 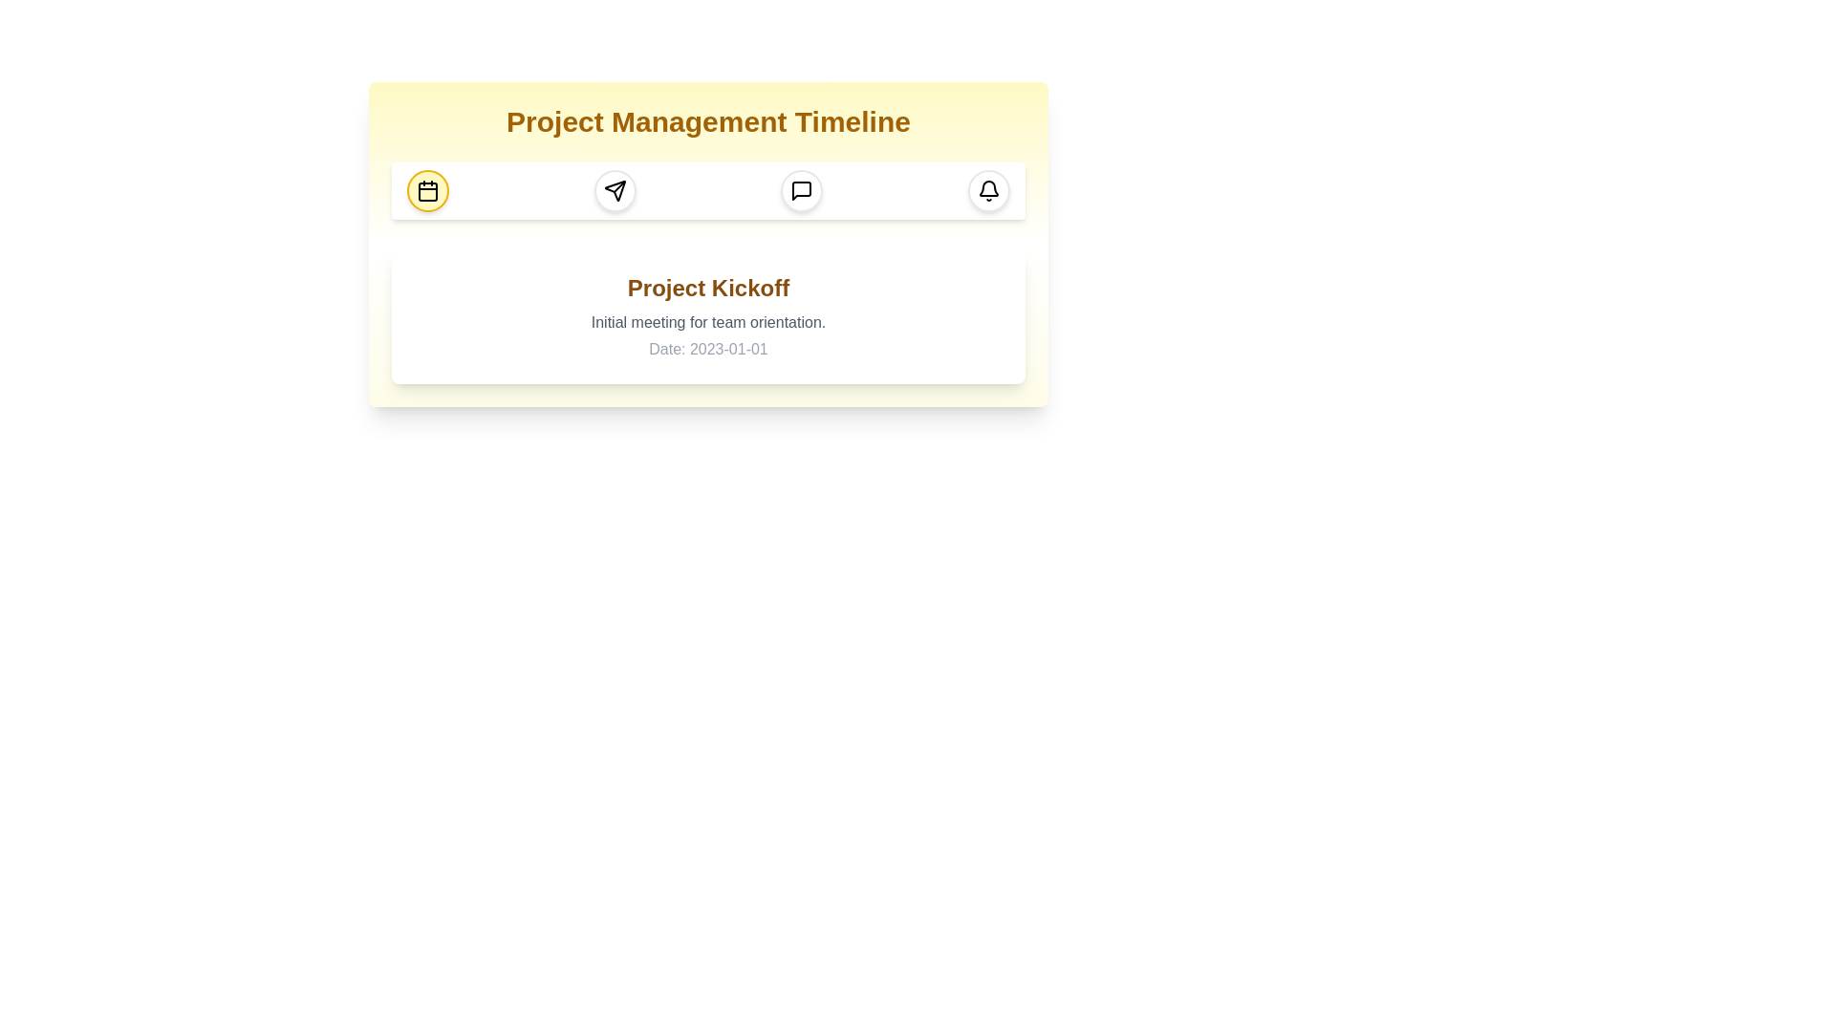 I want to click on the speech bubble icon in the top-right section of the interface under 'Project Management Timeline', so click(x=802, y=191).